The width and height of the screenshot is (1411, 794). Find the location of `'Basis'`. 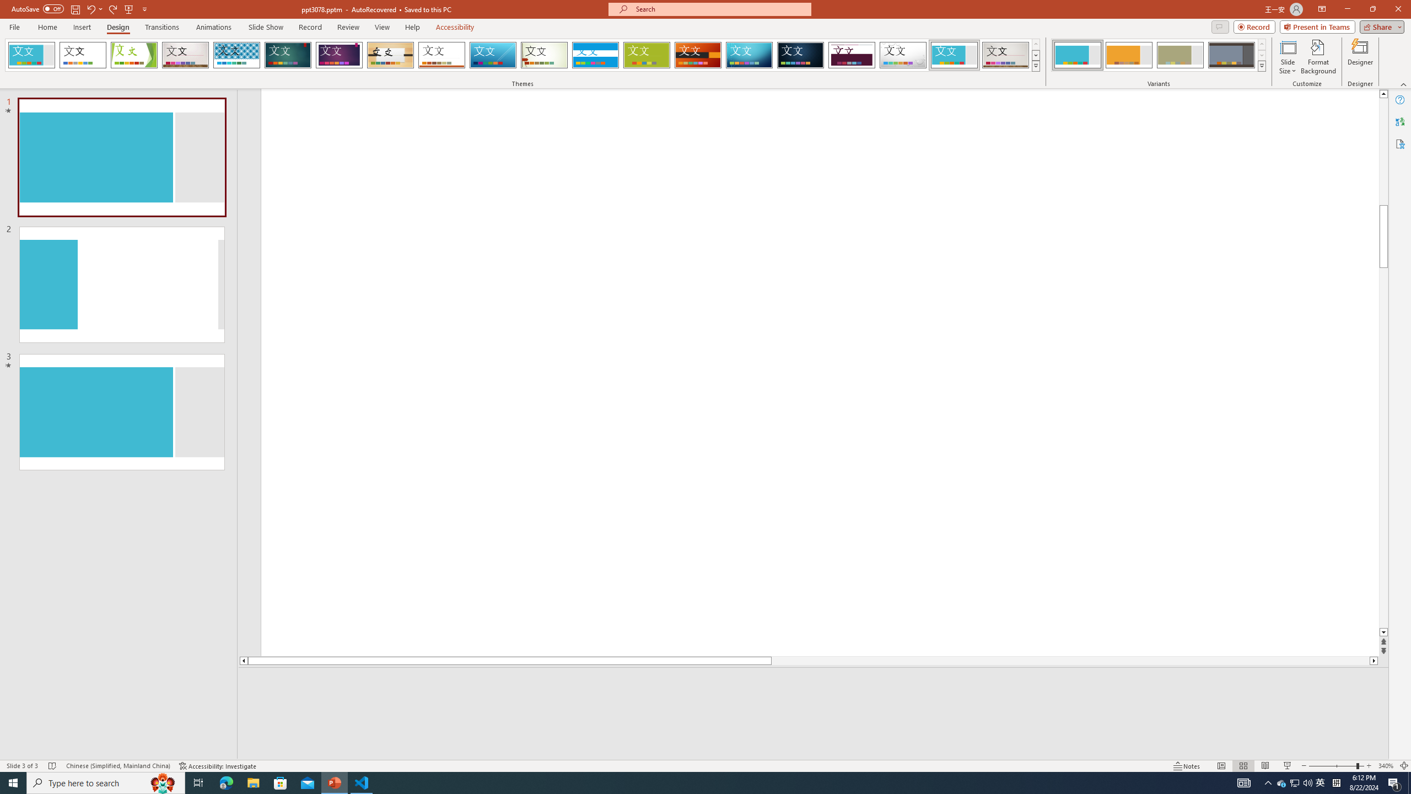

'Basis' is located at coordinates (647, 55).